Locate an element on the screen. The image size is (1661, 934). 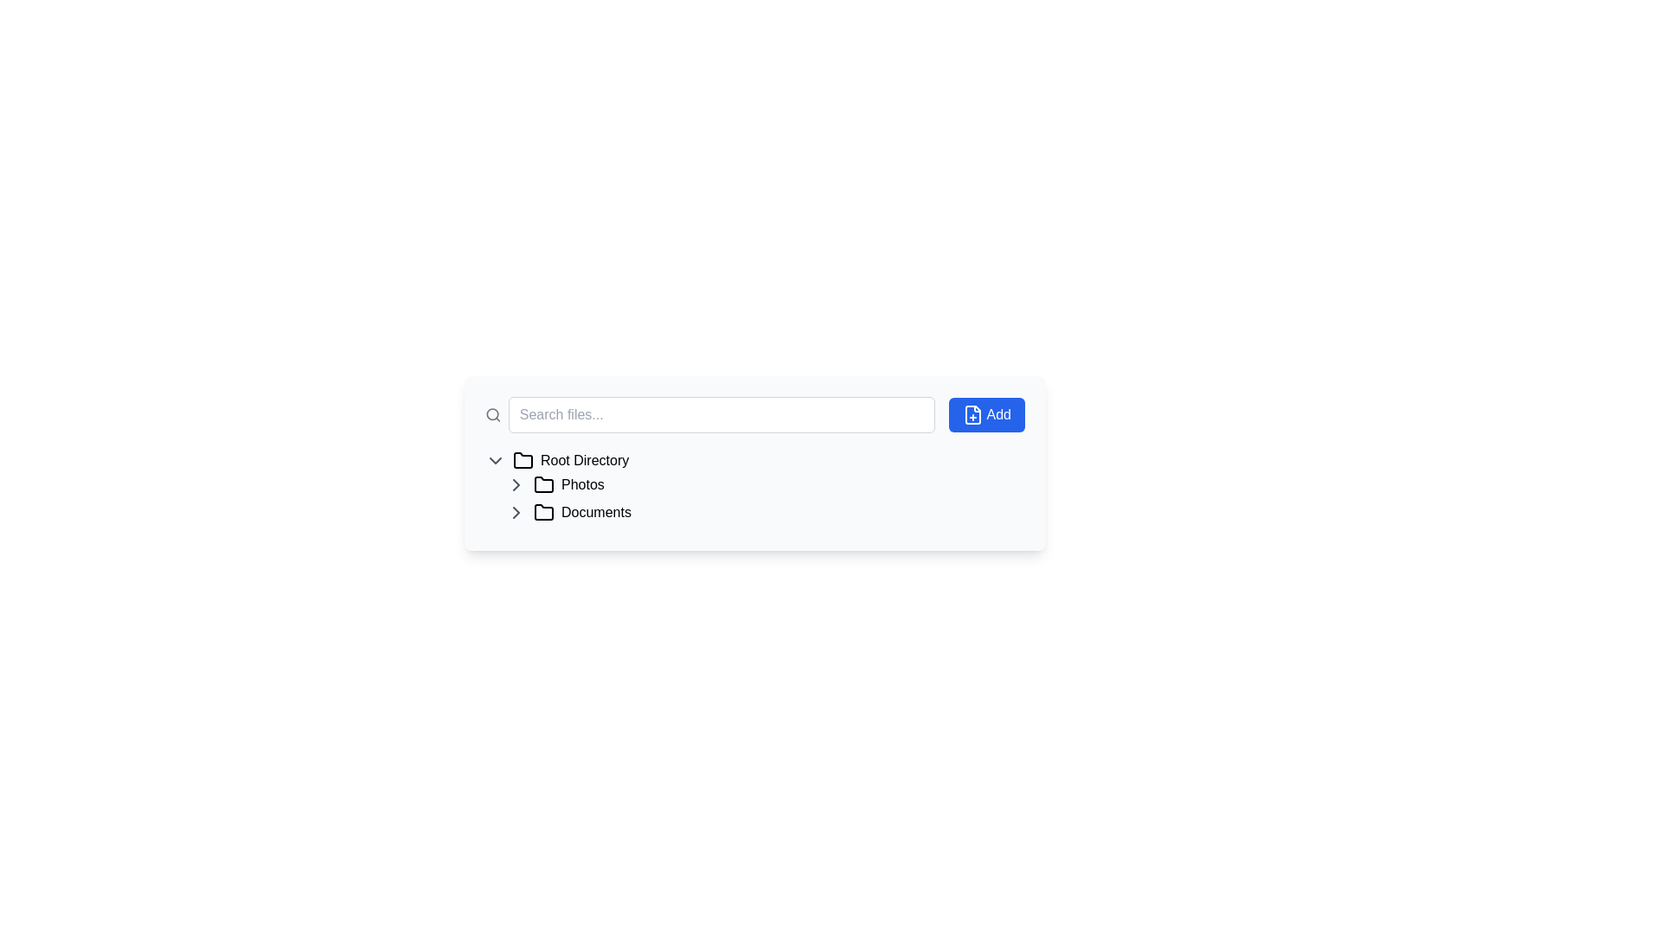
the folder icon located to the left of the 'Documents' label, which is visually represented as a light-colored folder with rounded edges is located at coordinates (542, 512).